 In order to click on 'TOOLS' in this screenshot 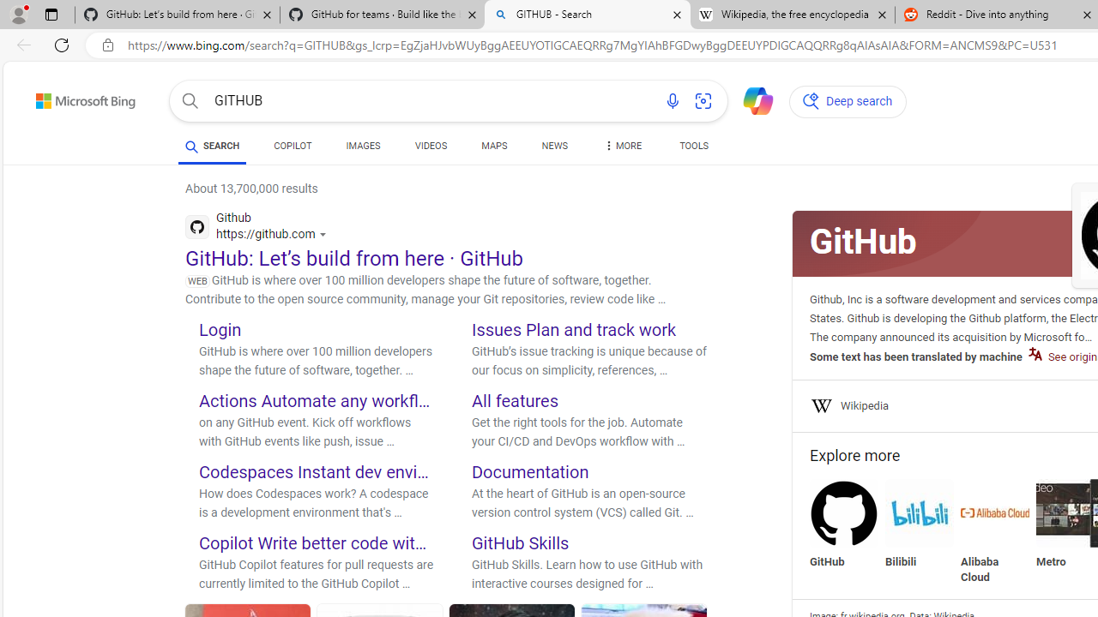, I will do `click(693, 146)`.